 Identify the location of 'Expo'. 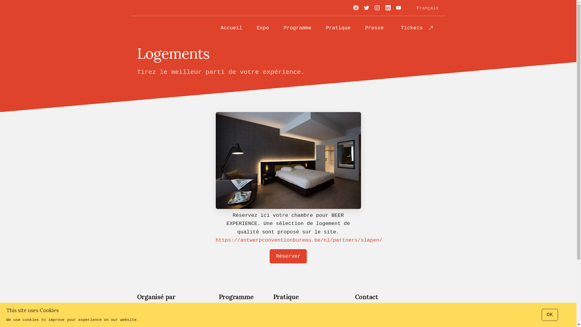
(249, 28).